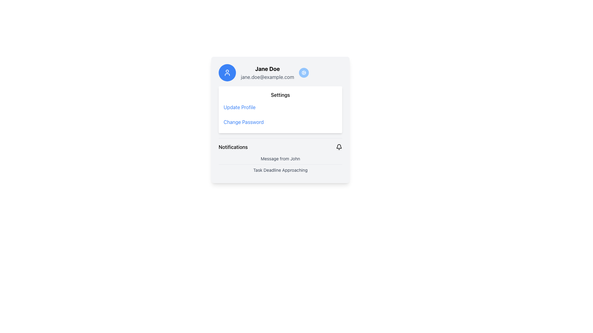 Image resolution: width=593 pixels, height=333 pixels. Describe the element at coordinates (304, 72) in the screenshot. I see `the circular glyph within the SVG gear icon located in the upper-right section of the user card header` at that location.